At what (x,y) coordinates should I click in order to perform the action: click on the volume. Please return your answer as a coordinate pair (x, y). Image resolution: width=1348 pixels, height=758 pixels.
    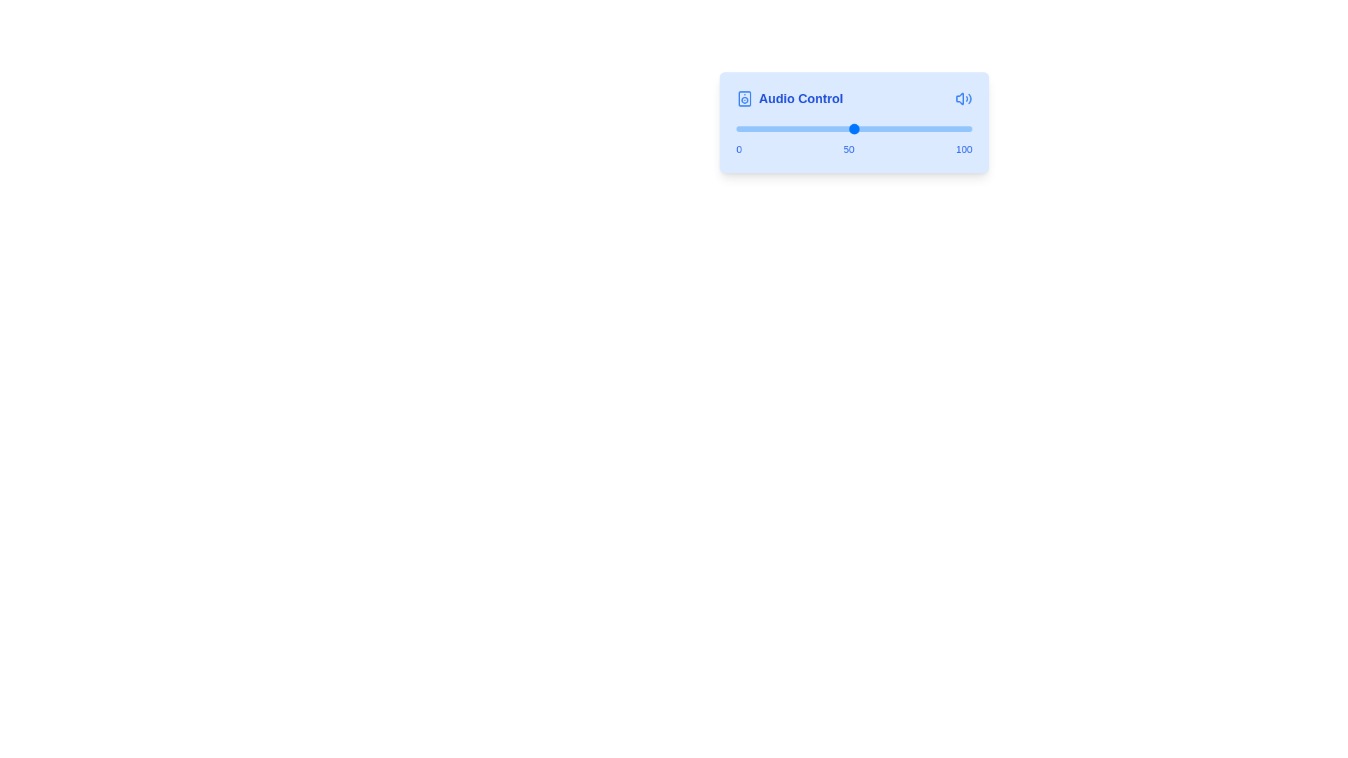
    Looking at the image, I should click on (887, 129).